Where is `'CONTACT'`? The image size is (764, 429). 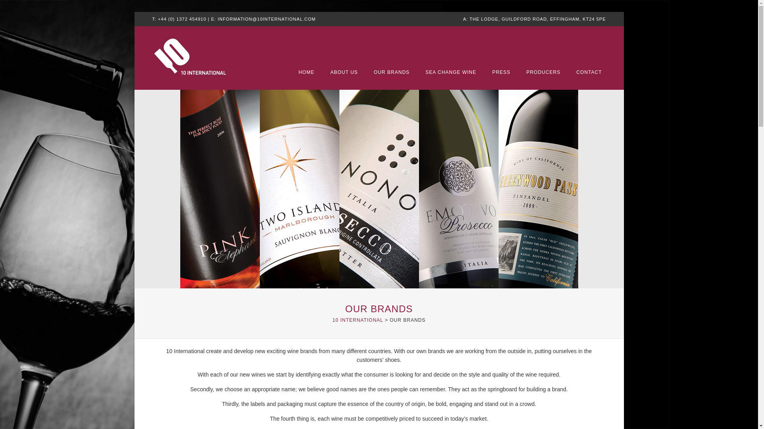
'CONTACT' is located at coordinates (589, 72).